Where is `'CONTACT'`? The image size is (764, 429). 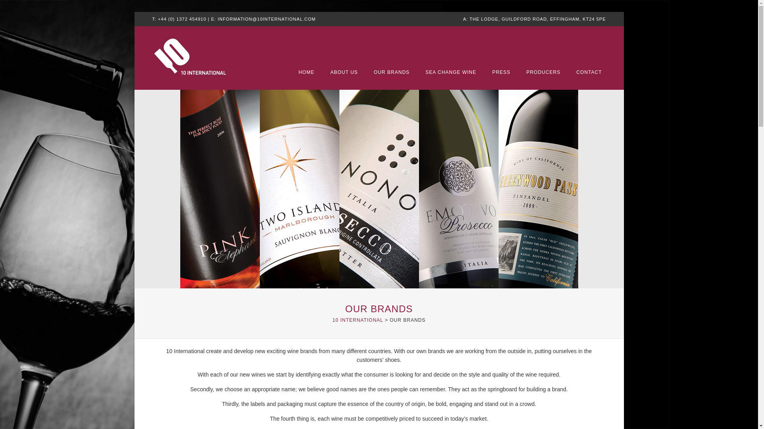
'CONTACT' is located at coordinates (589, 72).